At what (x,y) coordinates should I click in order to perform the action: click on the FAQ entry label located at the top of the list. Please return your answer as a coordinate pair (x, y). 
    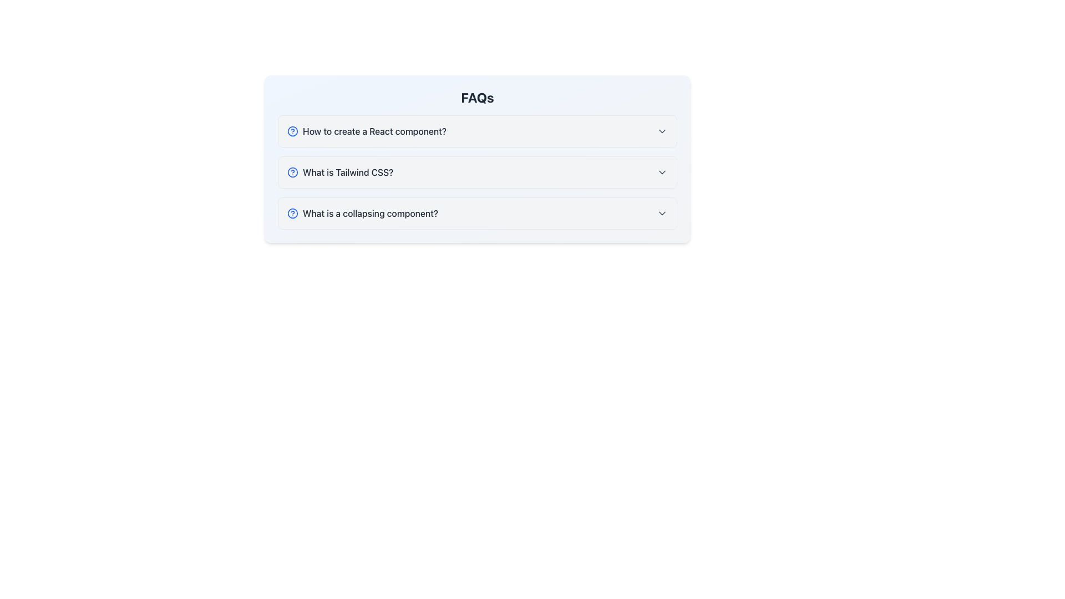
    Looking at the image, I should click on (367, 130).